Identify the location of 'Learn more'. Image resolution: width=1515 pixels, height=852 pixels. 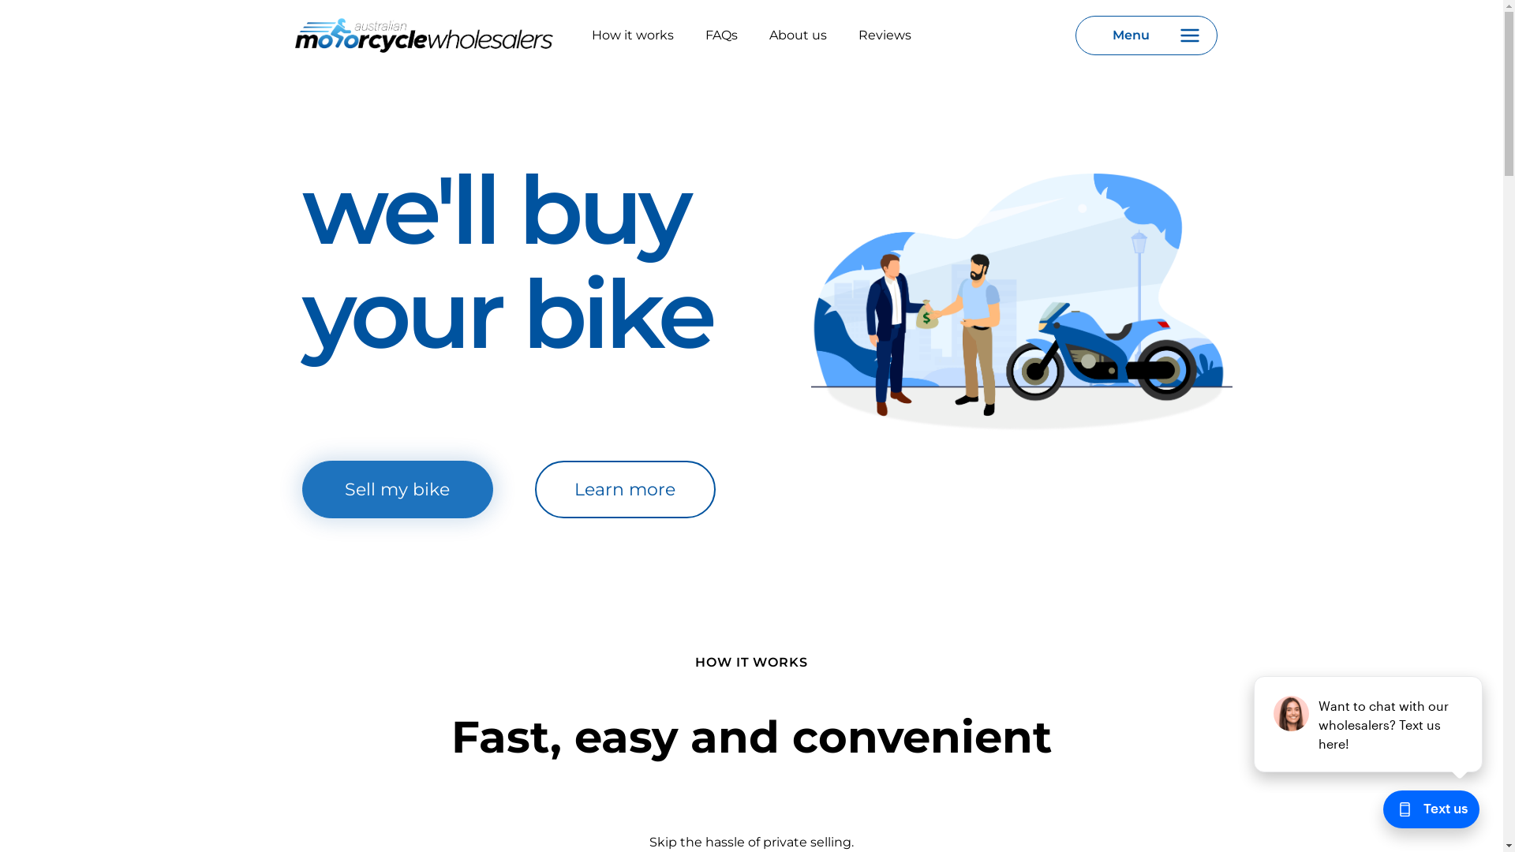
(624, 488).